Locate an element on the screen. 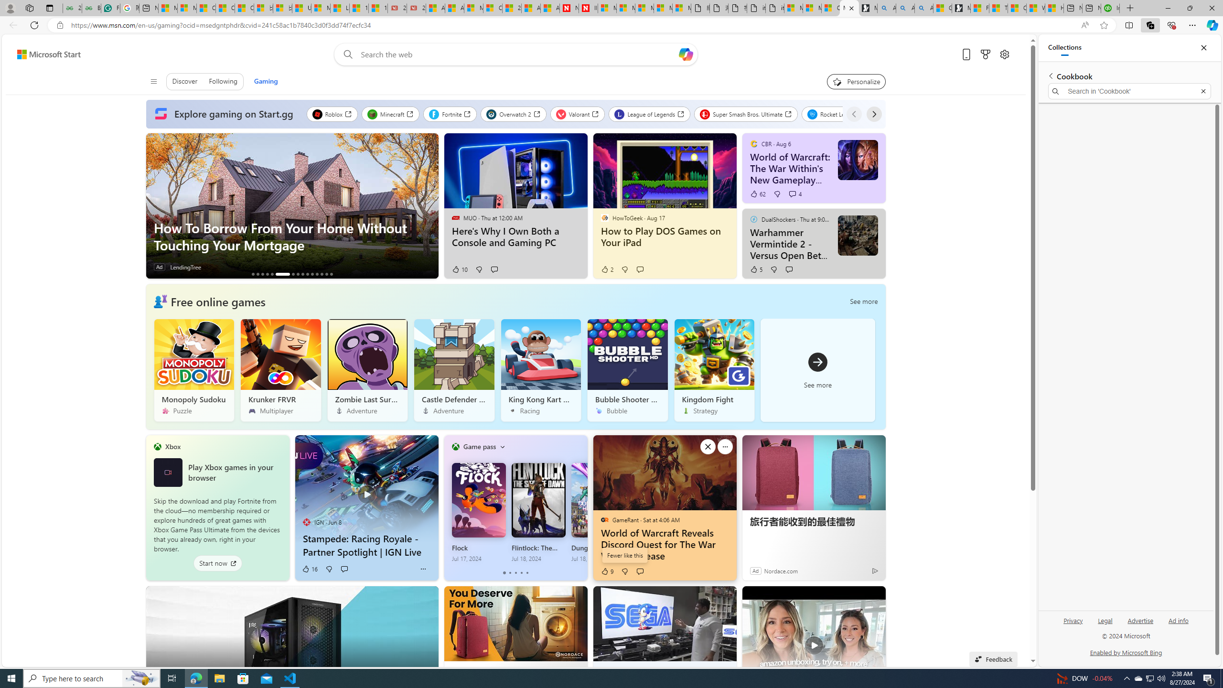 Image resolution: width=1223 pixels, height=688 pixels. 'tab-0' is located at coordinates (504, 572).